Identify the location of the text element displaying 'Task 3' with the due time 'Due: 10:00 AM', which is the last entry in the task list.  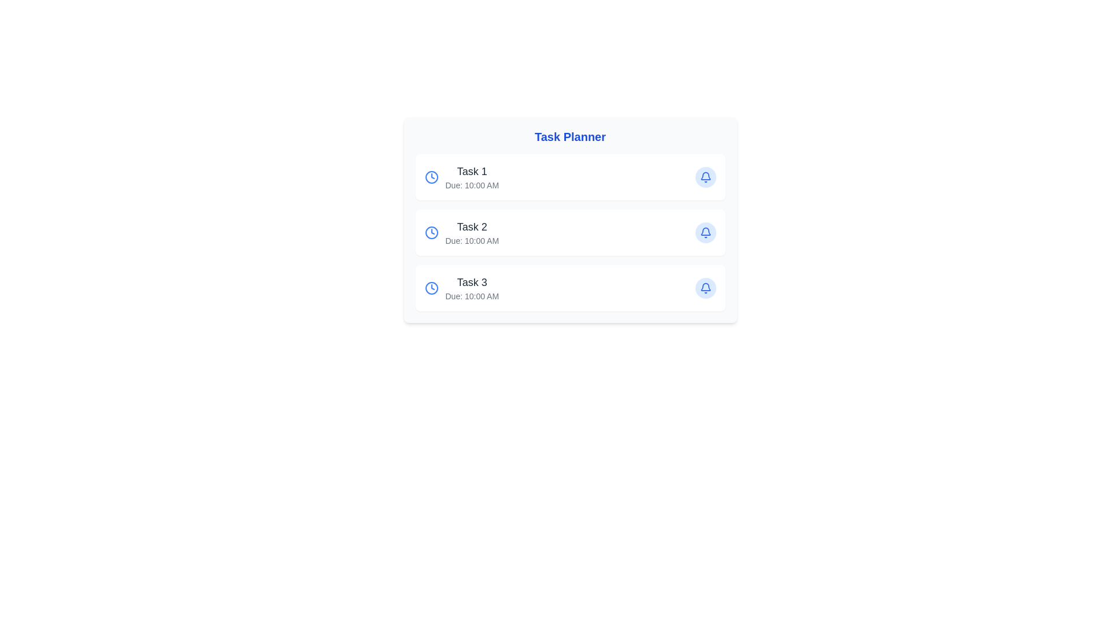
(472, 287).